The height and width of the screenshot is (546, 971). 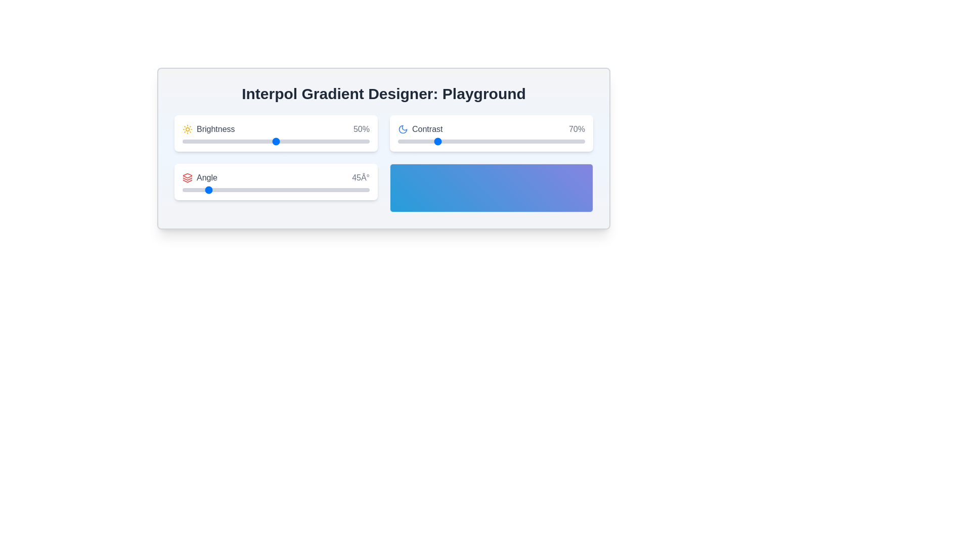 I want to click on the angle, so click(x=226, y=190).